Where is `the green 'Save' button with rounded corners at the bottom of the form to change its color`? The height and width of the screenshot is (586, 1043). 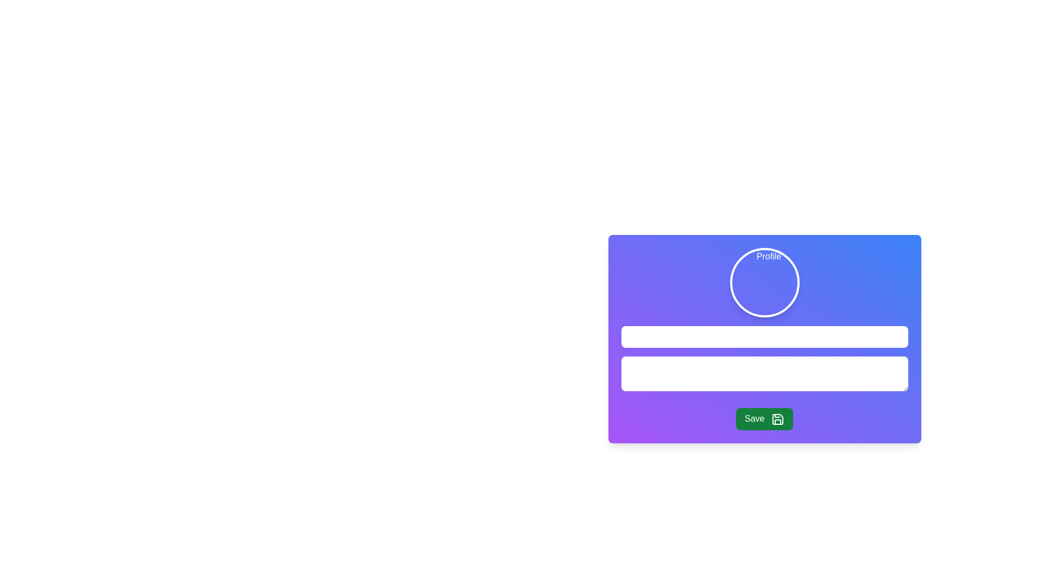
the green 'Save' button with rounded corners at the bottom of the form to change its color is located at coordinates (764, 418).